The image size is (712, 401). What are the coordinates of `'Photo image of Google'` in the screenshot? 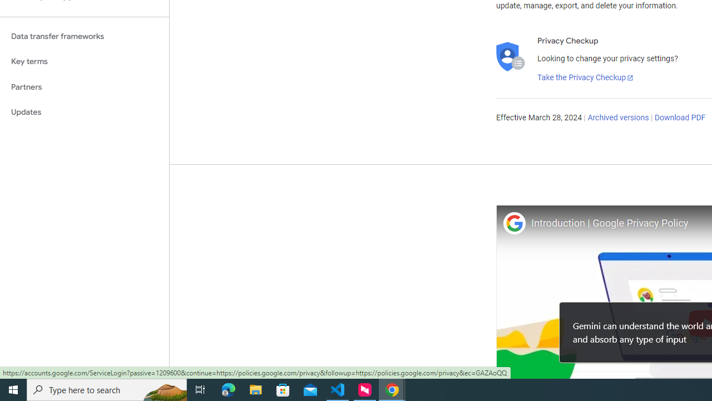 It's located at (513, 223).